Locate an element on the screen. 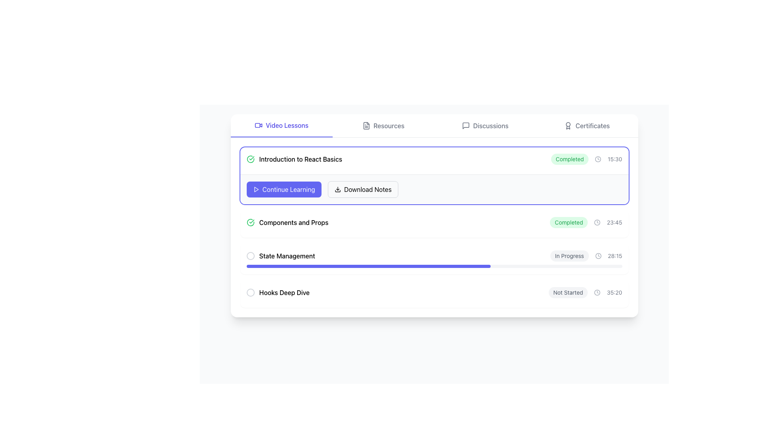 This screenshot has height=430, width=764. the status indicator of the second list item in the course module, which provides its title, completion status, and duration is located at coordinates (434, 224).